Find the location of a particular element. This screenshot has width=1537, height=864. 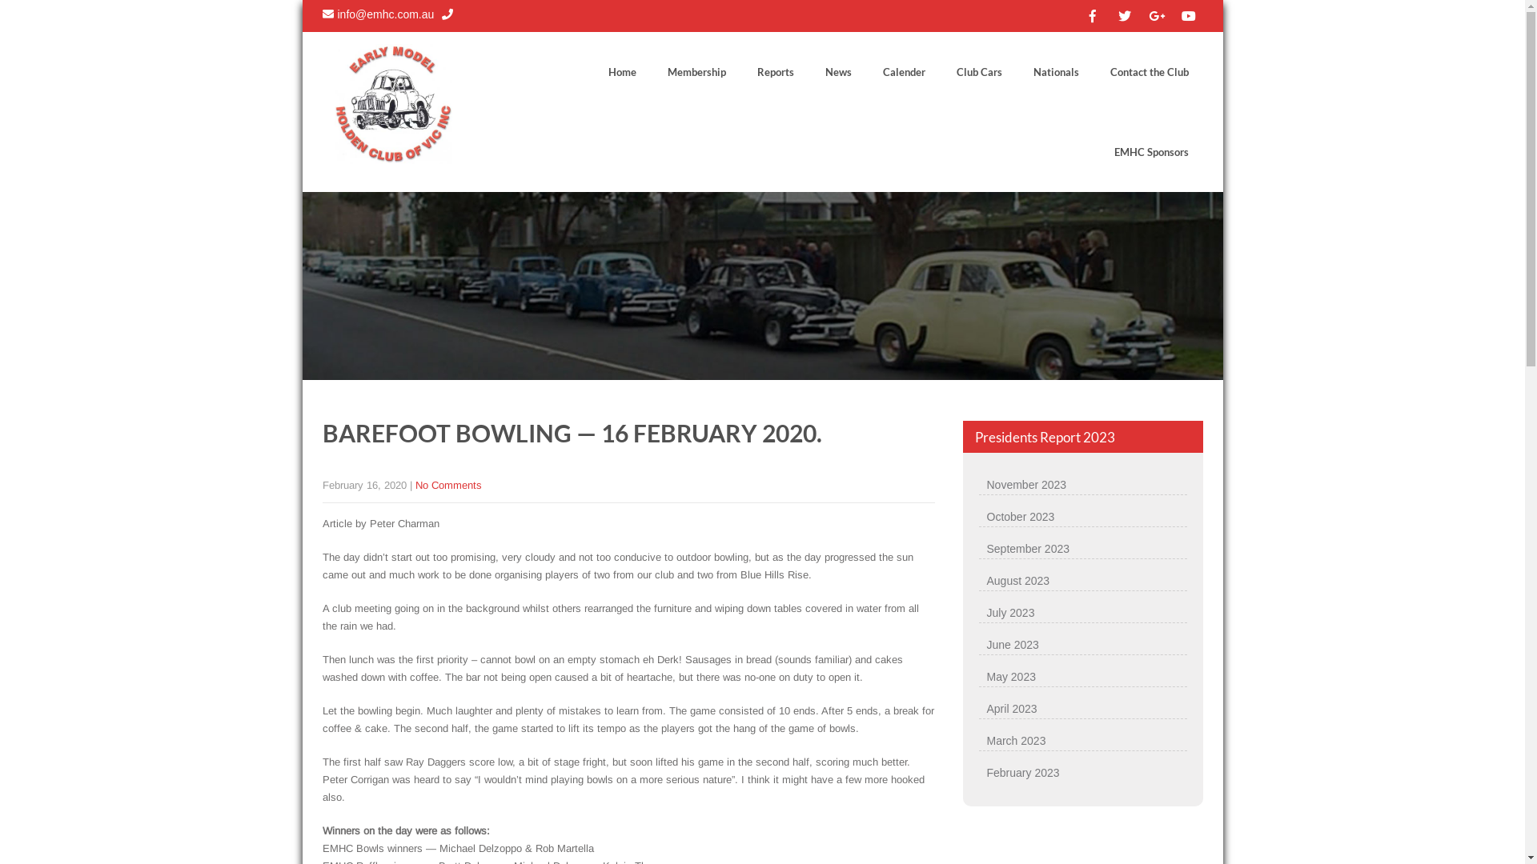

'fab fa-twitter' is located at coordinates (1110, 15).